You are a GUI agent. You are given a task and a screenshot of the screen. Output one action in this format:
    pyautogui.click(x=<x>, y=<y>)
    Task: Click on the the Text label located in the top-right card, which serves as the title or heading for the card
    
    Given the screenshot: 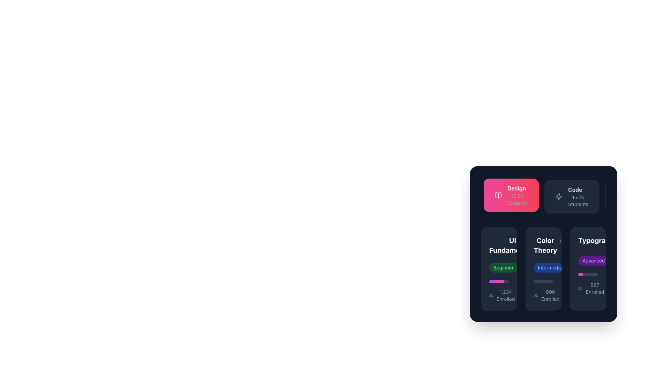 What is the action you would take?
    pyautogui.click(x=588, y=241)
    